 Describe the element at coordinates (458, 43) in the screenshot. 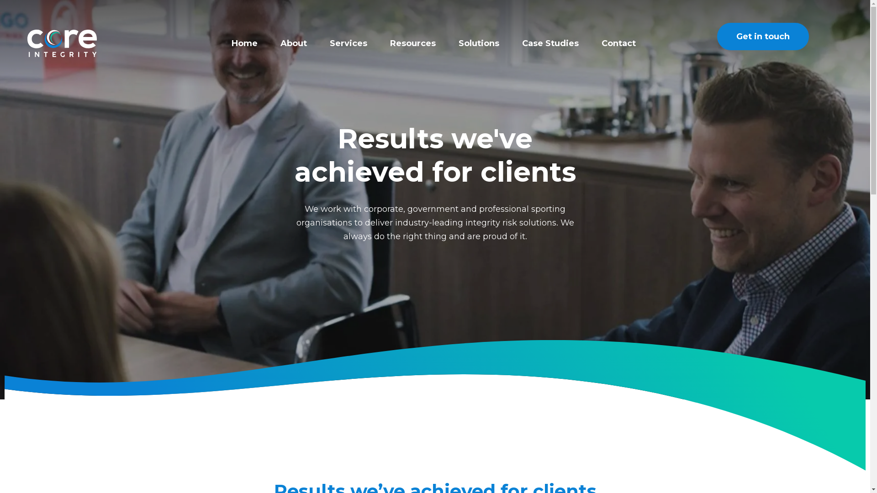

I see `'Solutions'` at that location.